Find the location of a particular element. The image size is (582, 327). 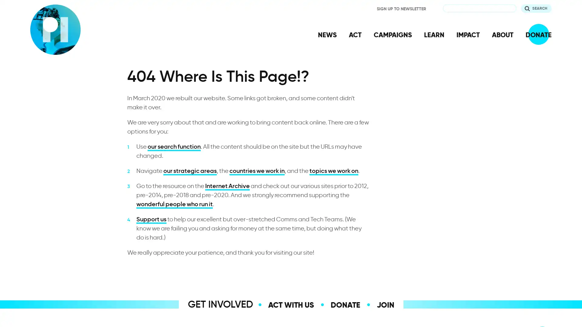

Search is located at coordinates (535, 8).